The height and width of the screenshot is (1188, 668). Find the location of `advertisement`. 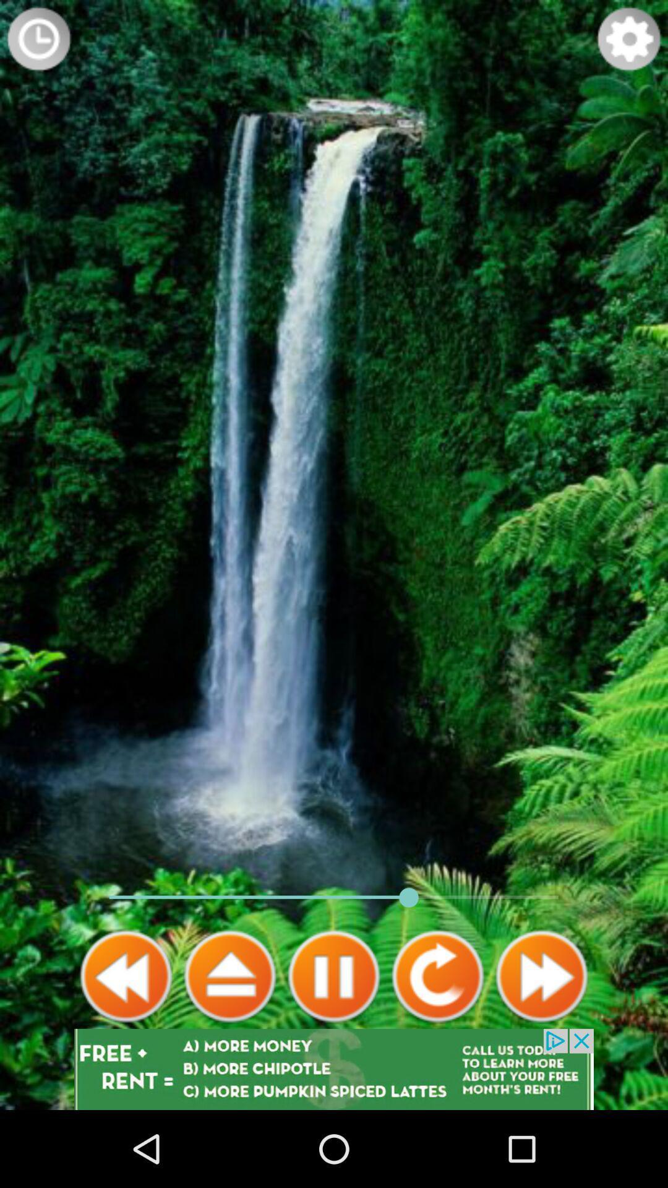

advertisement is located at coordinates (334, 1069).